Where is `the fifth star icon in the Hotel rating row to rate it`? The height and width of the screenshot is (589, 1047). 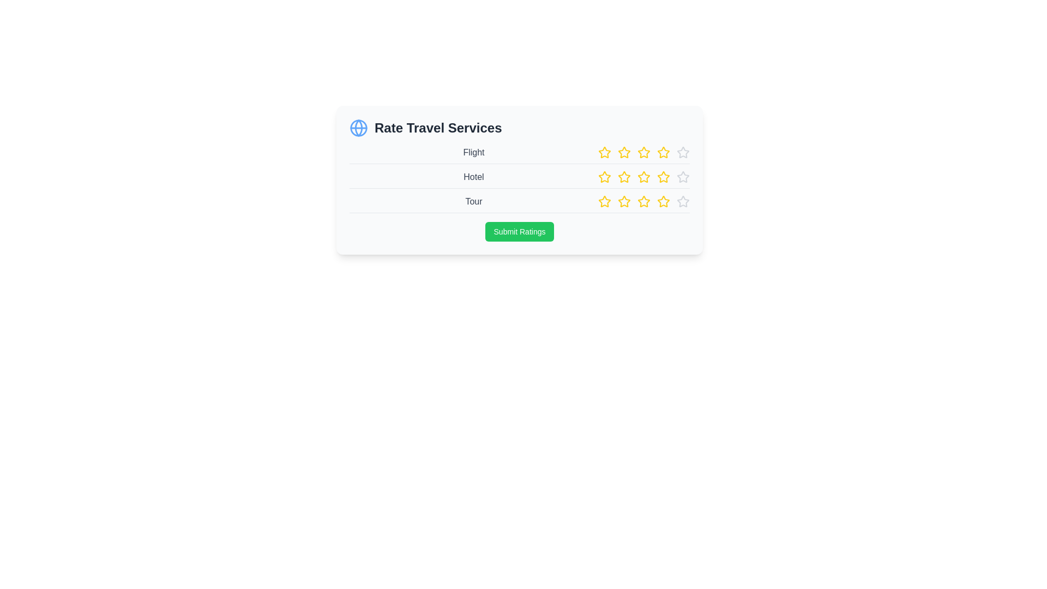
the fifth star icon in the Hotel rating row to rate it is located at coordinates (682, 176).